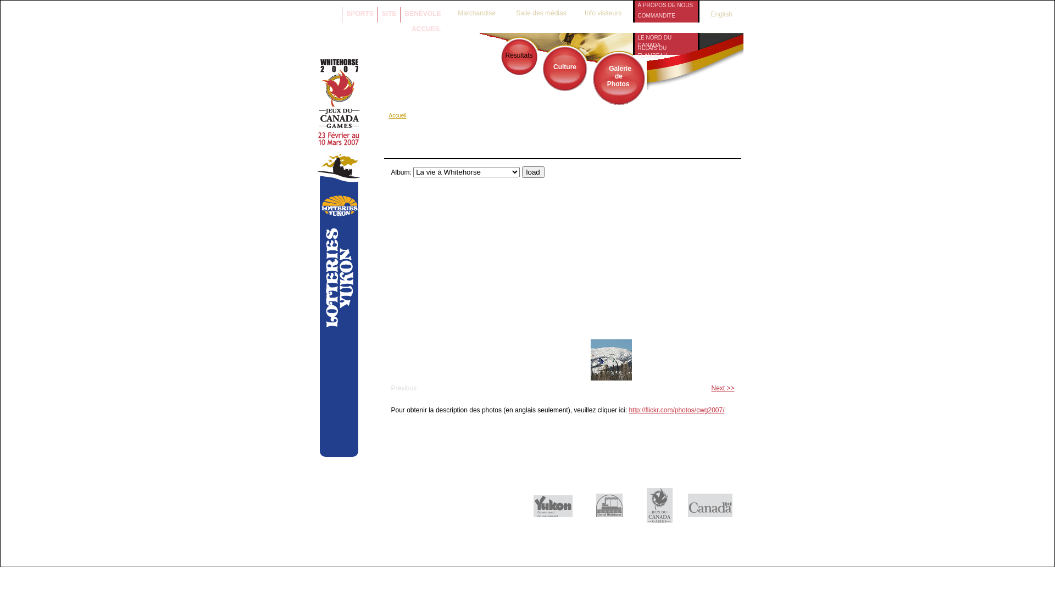  Describe the element at coordinates (603, 10) in the screenshot. I see `'Info visiteurs'` at that location.